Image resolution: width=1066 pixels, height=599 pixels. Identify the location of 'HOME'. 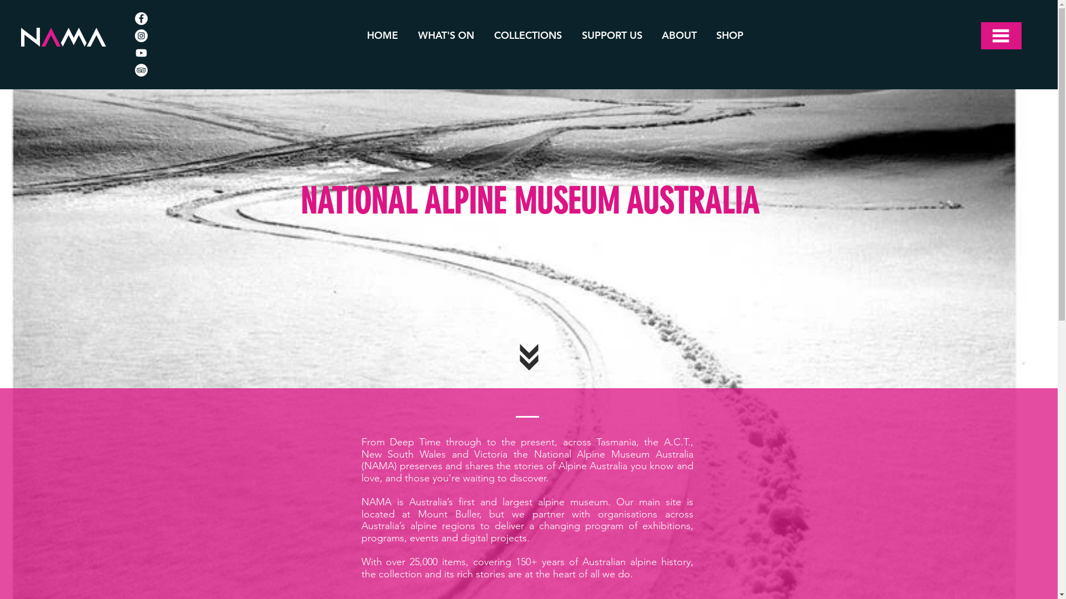
(383, 35).